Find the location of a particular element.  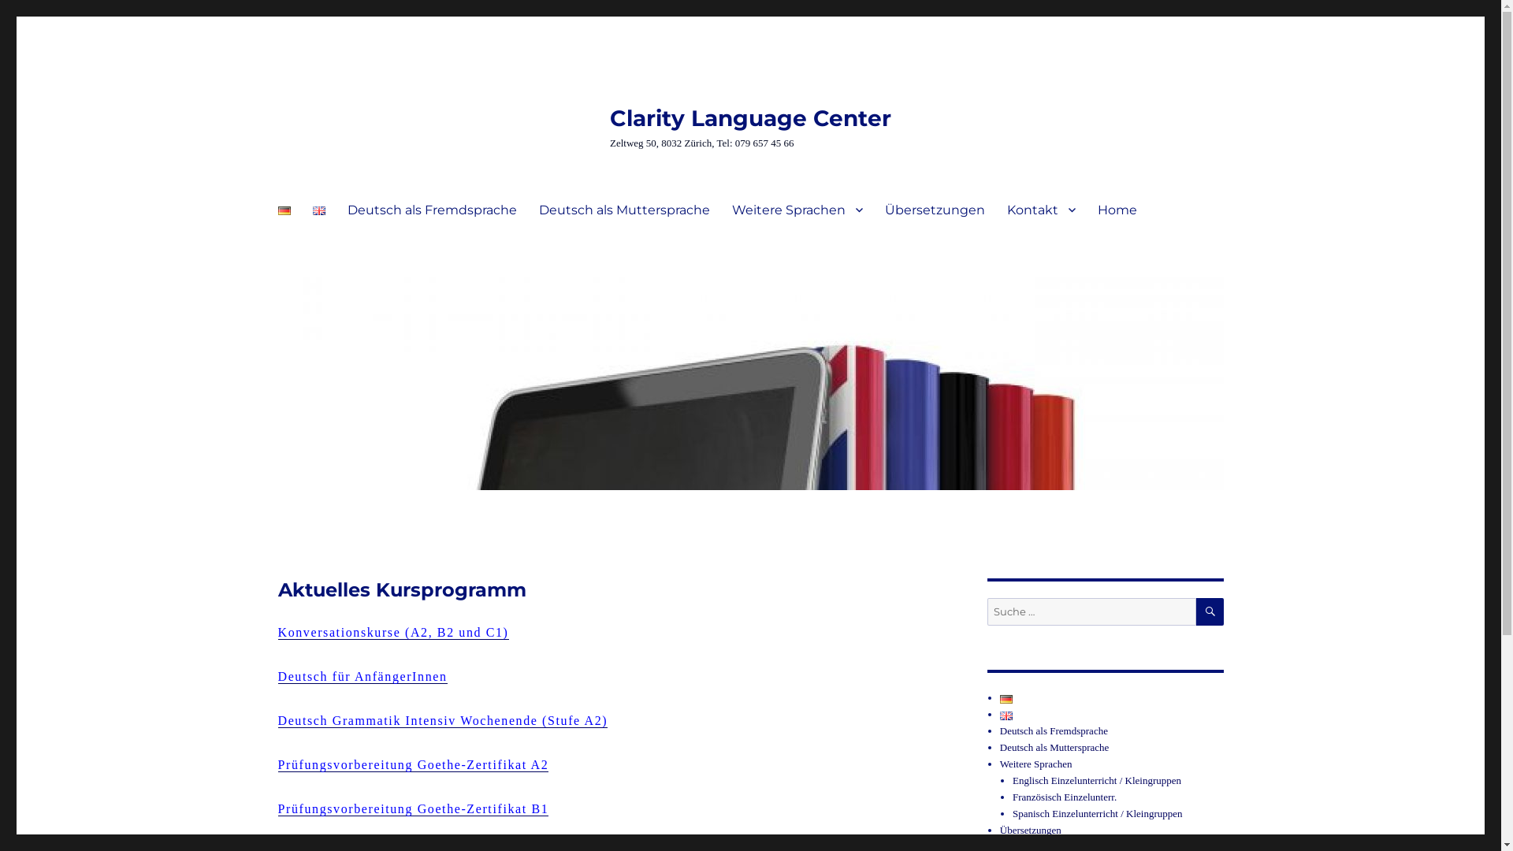

'English' is located at coordinates (1005, 715).